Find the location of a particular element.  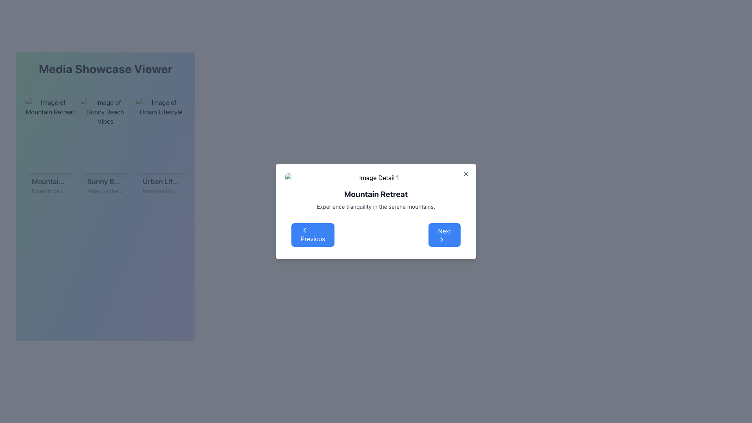

the 'Previous' button which contains the left-chevron arrow vector graphic icon located at the bottom left of the modal popup is located at coordinates (304, 230).